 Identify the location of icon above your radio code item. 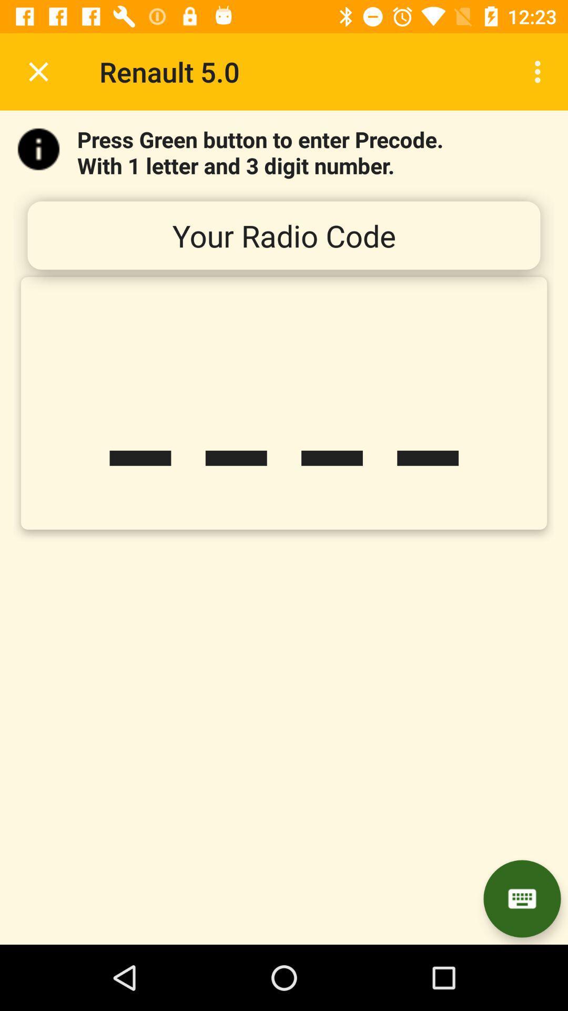
(540, 71).